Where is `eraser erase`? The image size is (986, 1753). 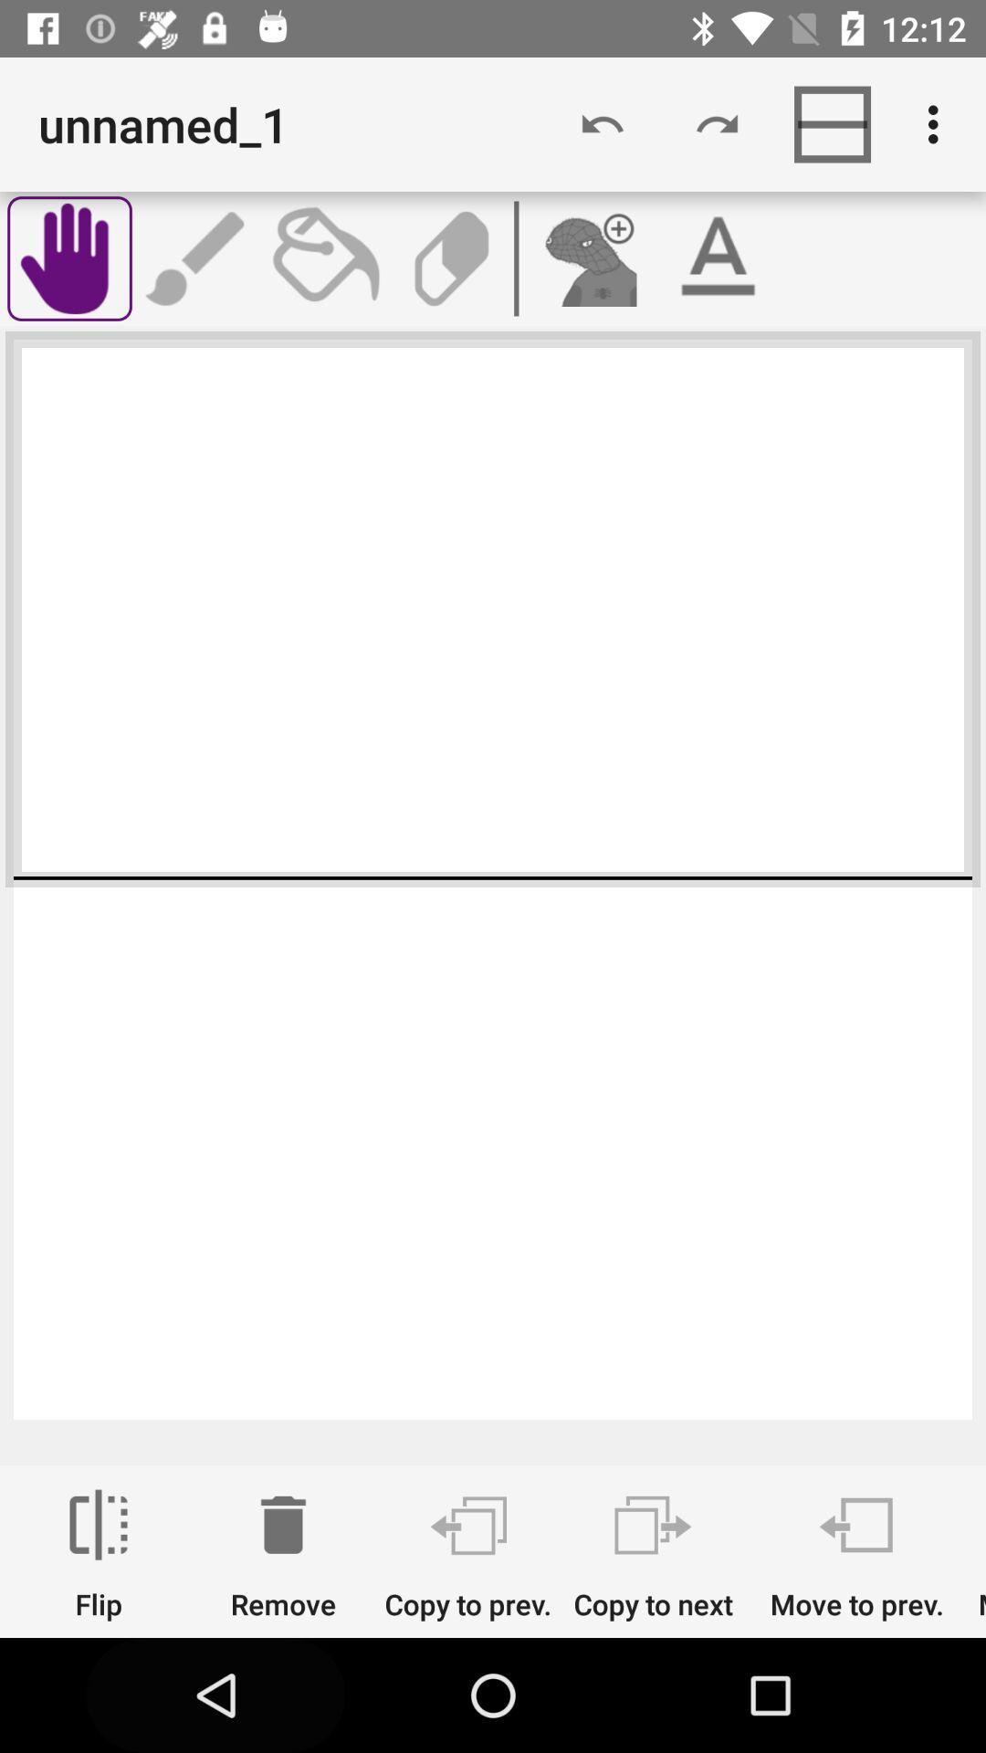 eraser erase is located at coordinates (451, 257).